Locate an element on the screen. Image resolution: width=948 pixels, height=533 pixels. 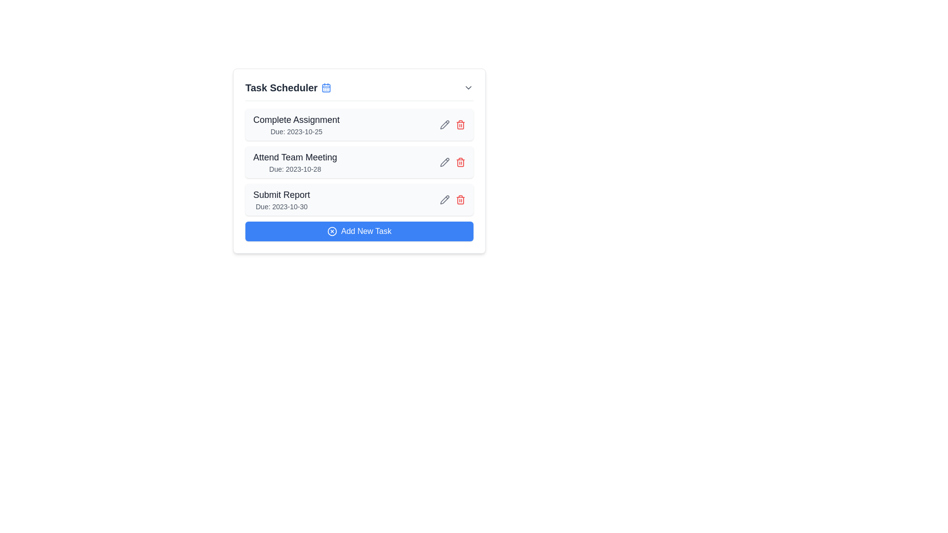
the first interactive icon button on the right side of the 'Complete Assignment' task row is located at coordinates (444, 200).